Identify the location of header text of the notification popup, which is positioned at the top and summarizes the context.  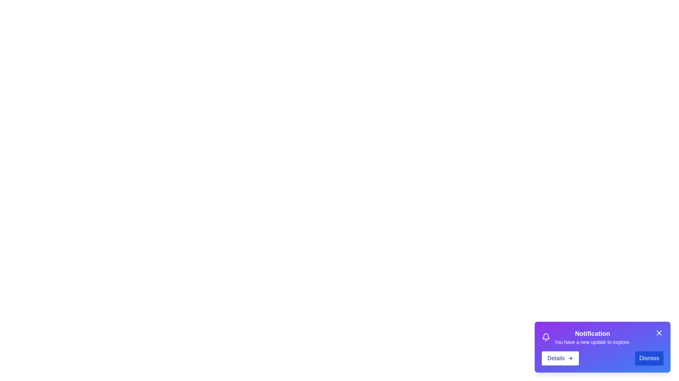
(592, 333).